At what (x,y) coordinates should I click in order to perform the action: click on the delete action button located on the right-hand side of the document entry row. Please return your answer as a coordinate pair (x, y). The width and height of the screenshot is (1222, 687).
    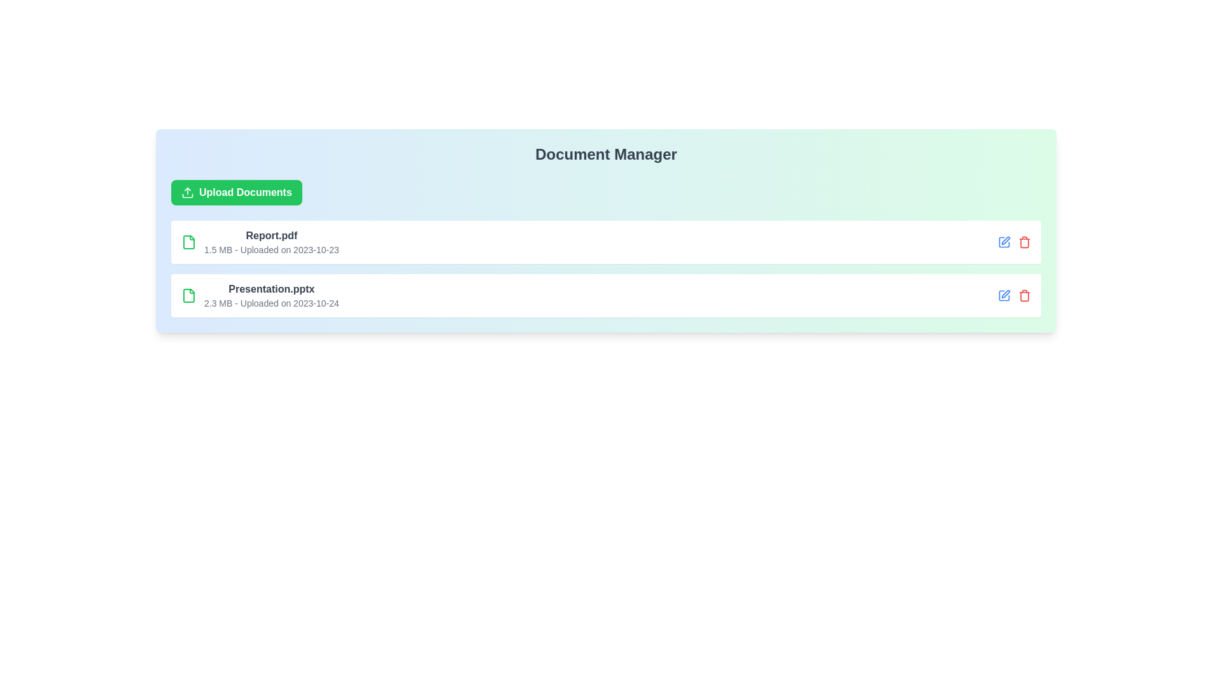
    Looking at the image, I should click on (1024, 242).